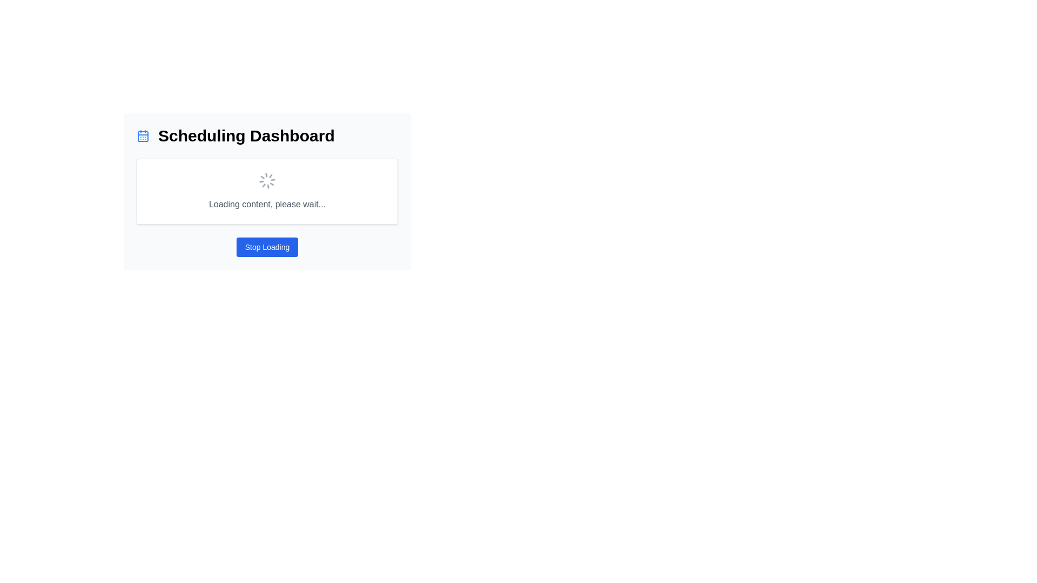 This screenshot has height=583, width=1037. Describe the element at coordinates (267, 180) in the screenshot. I see `the loading spinner animation, which is a circular gray icon with radial lines, indicating a loading state, located at the center of a dialog box` at that location.